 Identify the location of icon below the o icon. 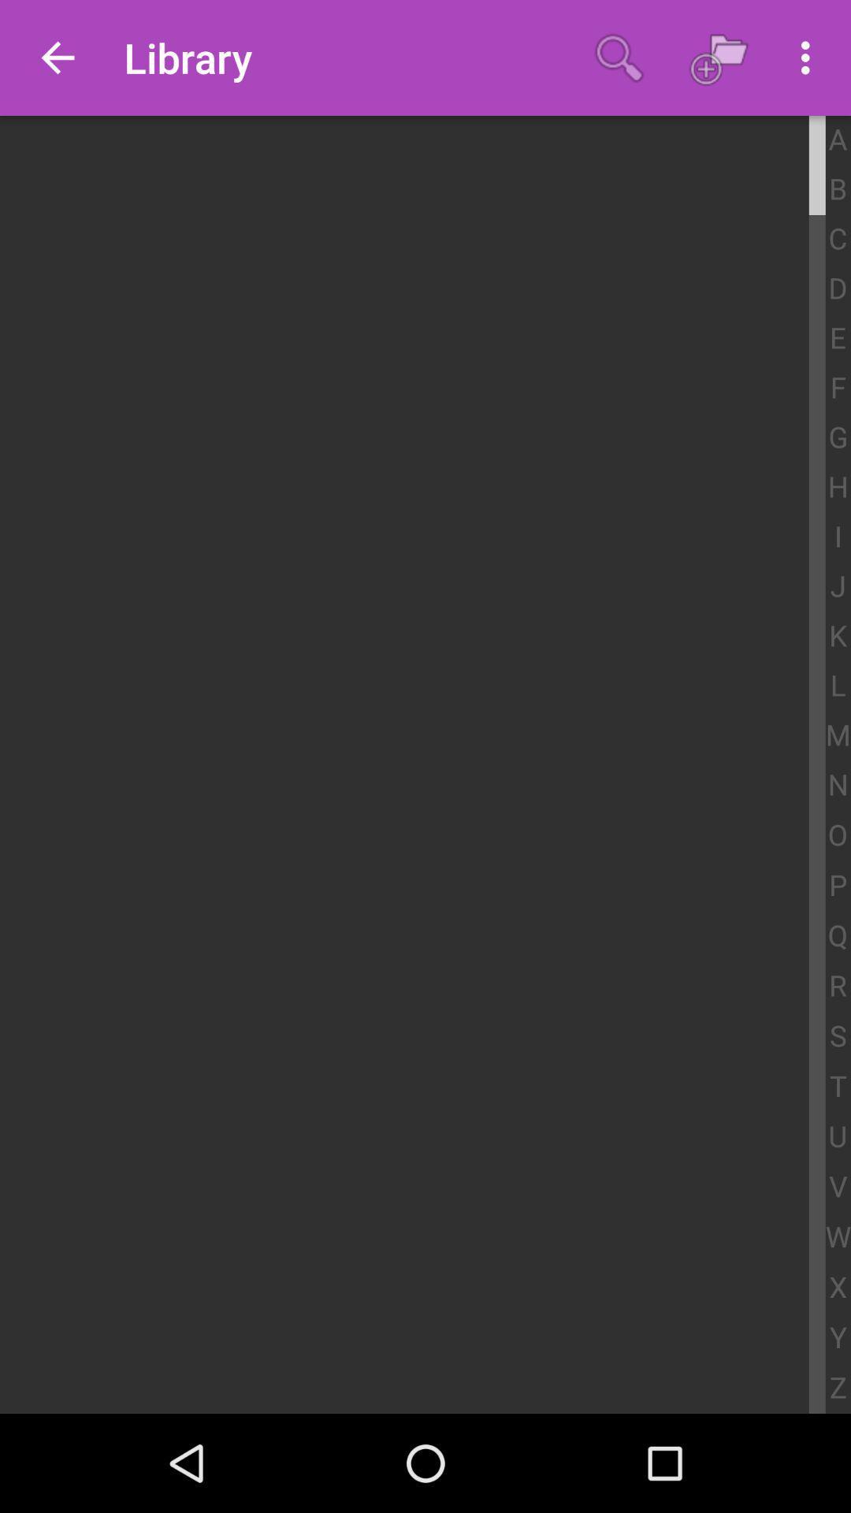
(837, 886).